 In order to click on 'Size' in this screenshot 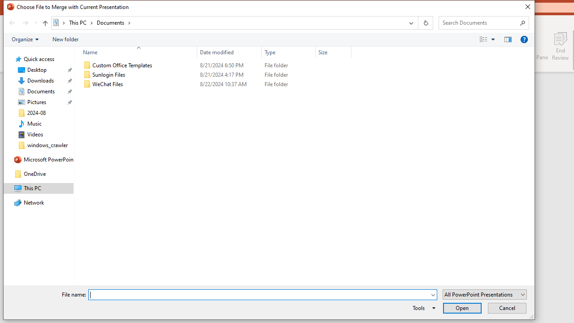, I will do `click(333, 52)`.